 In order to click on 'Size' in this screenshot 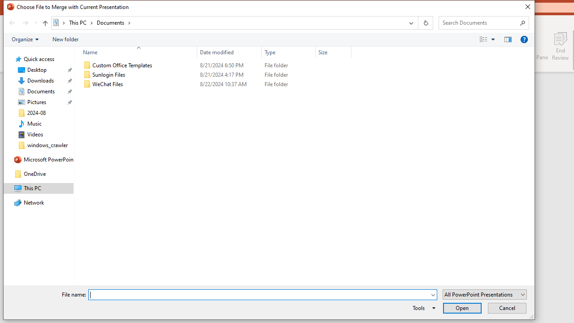, I will do `click(333, 52)`.